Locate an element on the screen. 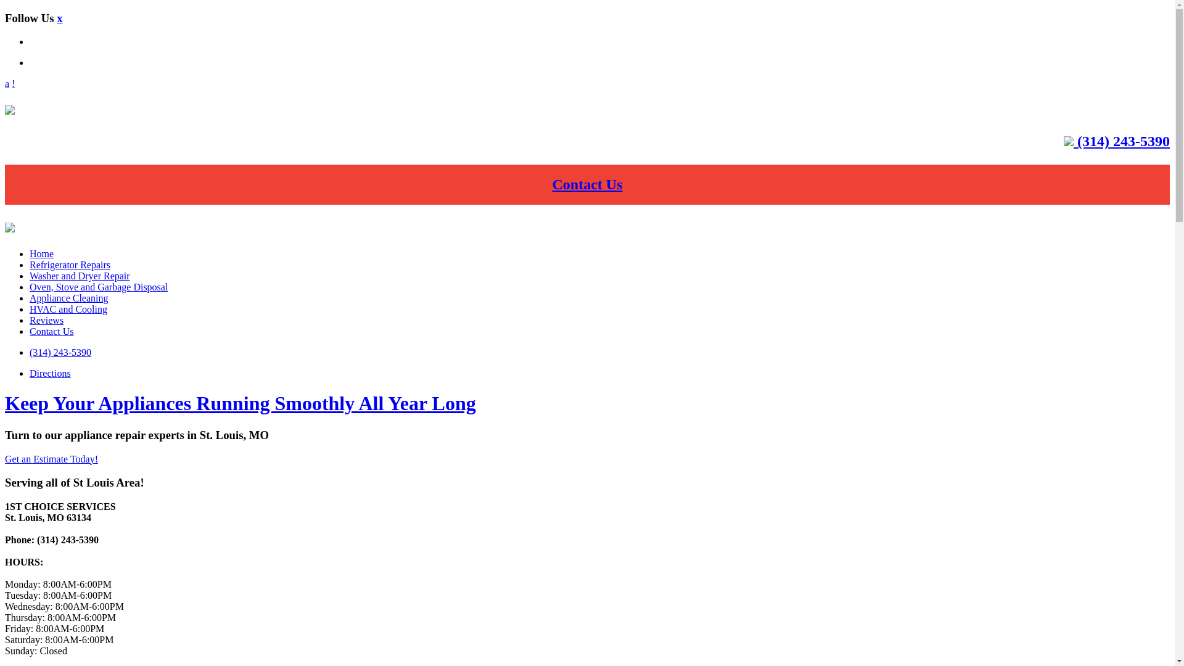 The width and height of the screenshot is (1184, 666). 'Contact Us' is located at coordinates (51, 331).